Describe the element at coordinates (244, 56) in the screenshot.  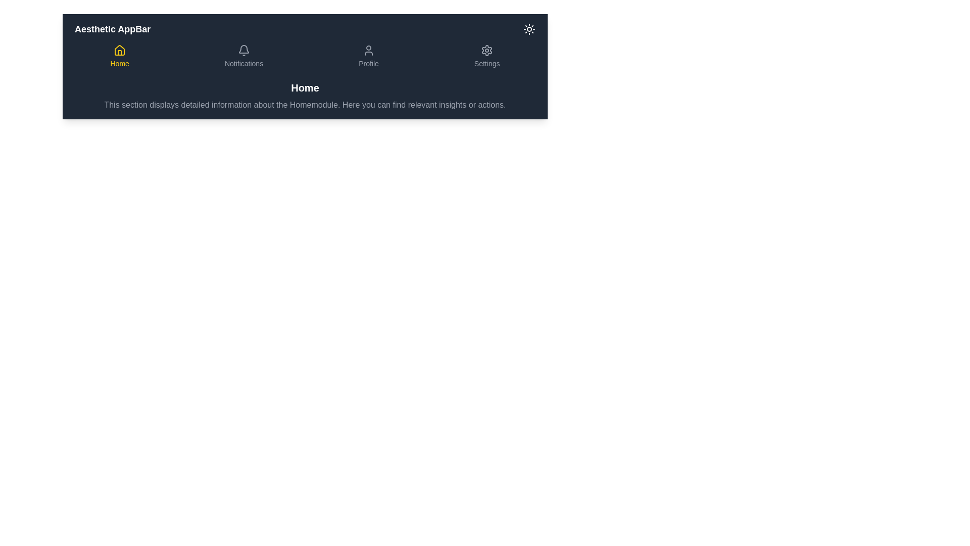
I see `the tab labeled Notifications to view its detailed information` at that location.